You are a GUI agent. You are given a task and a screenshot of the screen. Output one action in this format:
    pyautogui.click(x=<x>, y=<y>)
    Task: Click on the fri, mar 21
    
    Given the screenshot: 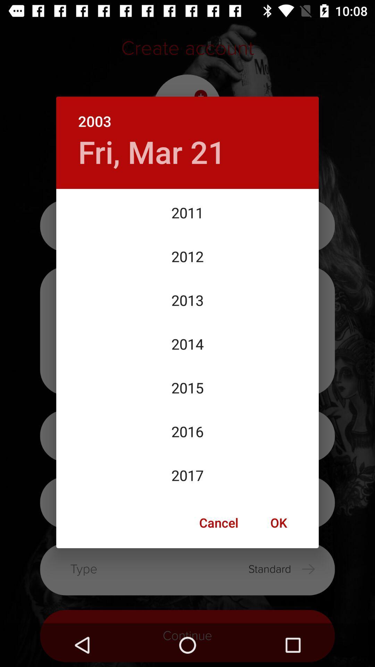 What is the action you would take?
    pyautogui.click(x=151, y=151)
    